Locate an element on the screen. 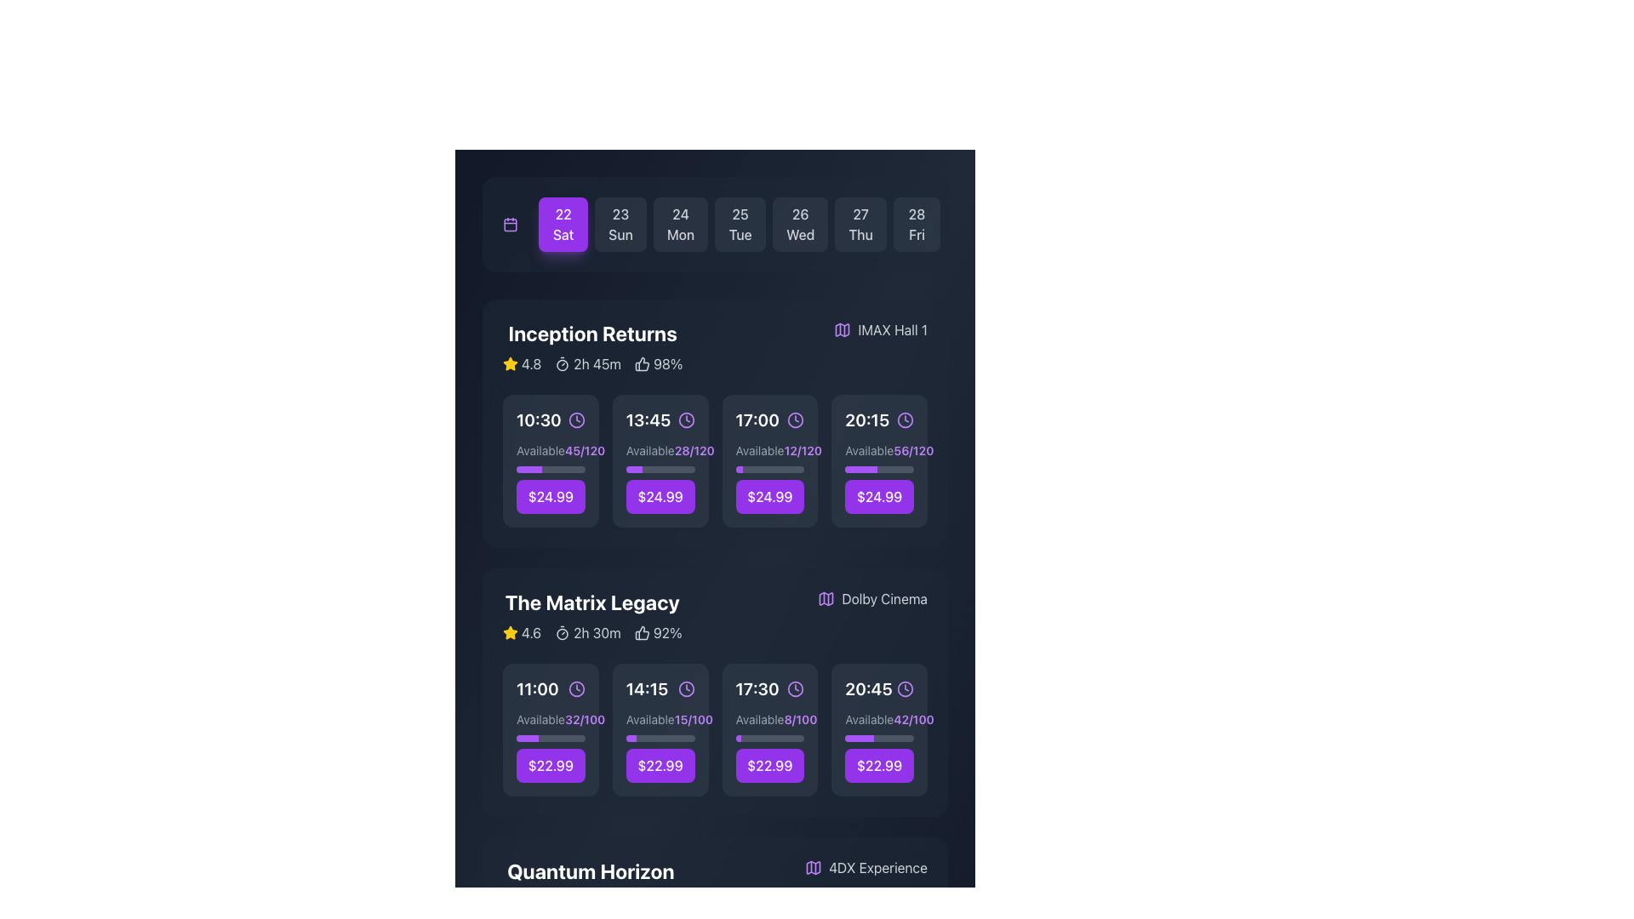 The image size is (1634, 919). the Text label that provides information about the available seats for the '20:45' showtime of 'The Matrix Legacy', located to the left of the numeric indicator '42/100' is located at coordinates (869, 719).